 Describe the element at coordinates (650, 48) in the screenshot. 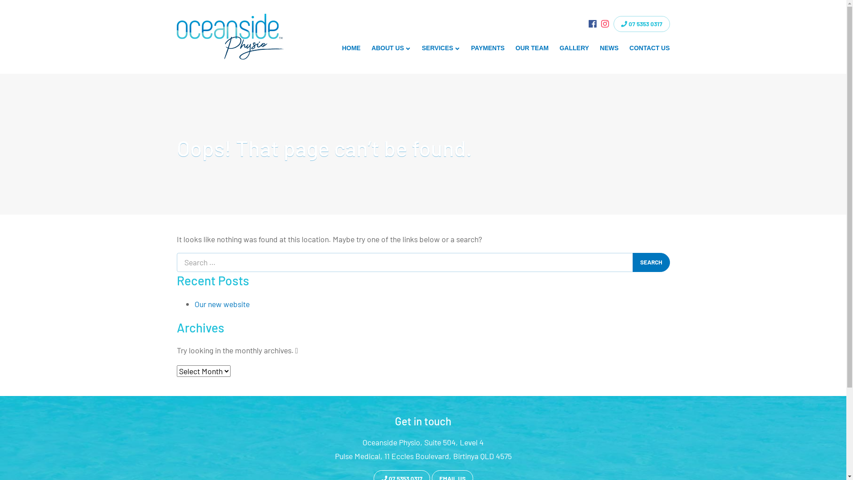

I see `'CONTACT US'` at that location.